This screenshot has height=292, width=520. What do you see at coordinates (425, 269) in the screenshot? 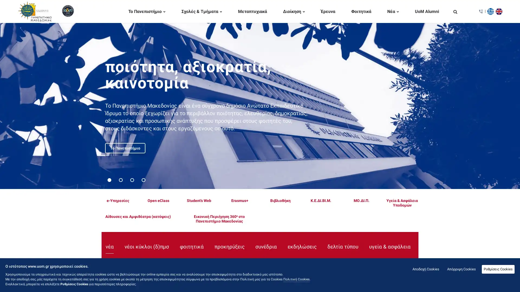
I see `Cookies` at bounding box center [425, 269].